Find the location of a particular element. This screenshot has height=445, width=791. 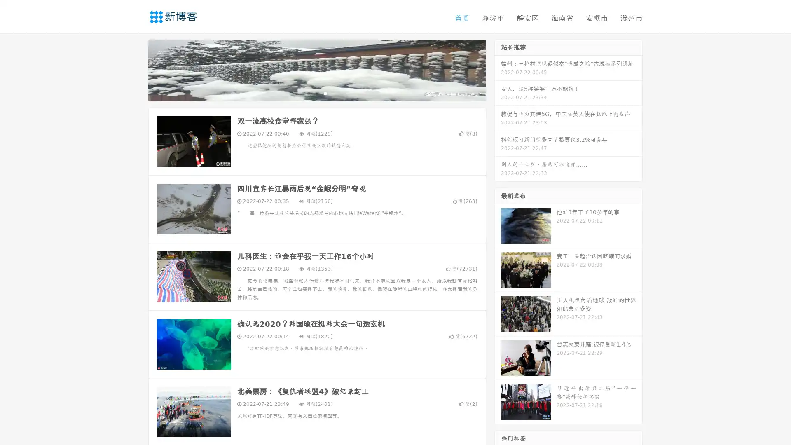

Next slide is located at coordinates (498, 69).